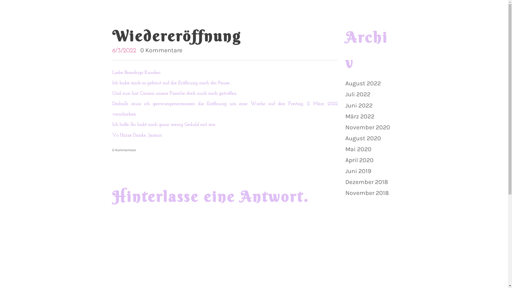  Describe the element at coordinates (357, 94) in the screenshot. I see `'Juli 2022'` at that location.